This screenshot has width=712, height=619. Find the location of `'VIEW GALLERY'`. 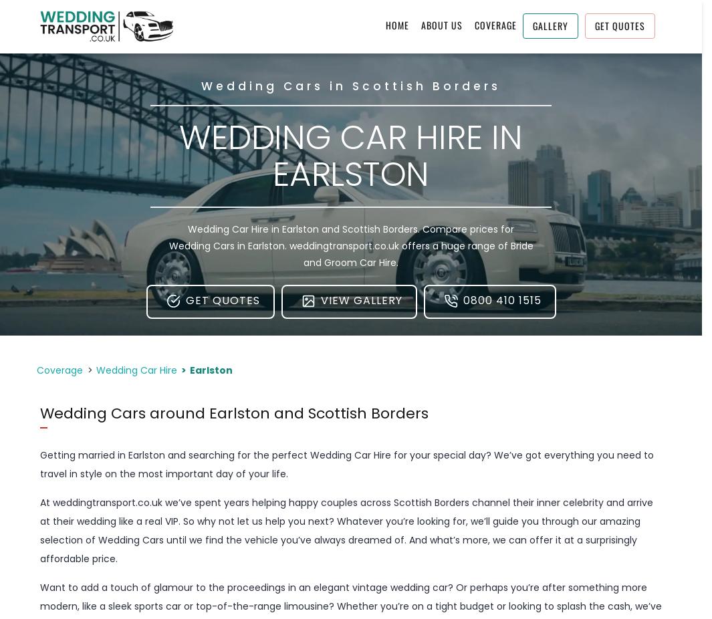

'VIEW GALLERY' is located at coordinates (360, 300).